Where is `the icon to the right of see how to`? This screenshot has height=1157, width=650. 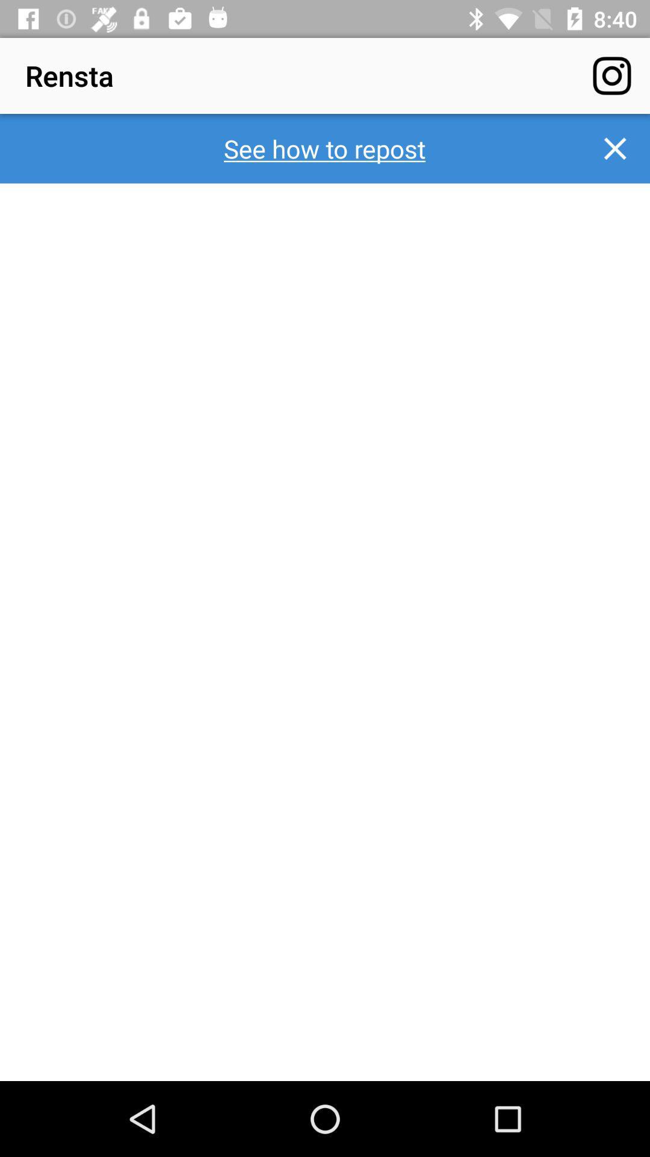
the icon to the right of see how to is located at coordinates (615, 148).